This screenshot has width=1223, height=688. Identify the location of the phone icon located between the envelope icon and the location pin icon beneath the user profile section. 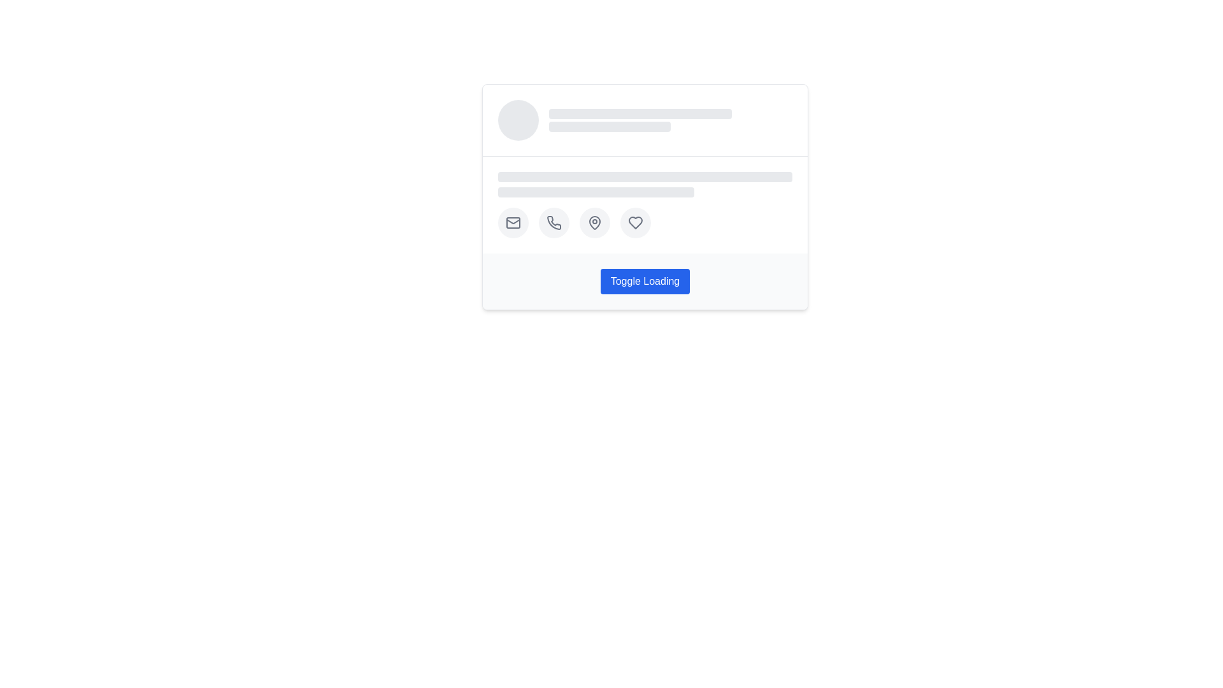
(554, 221).